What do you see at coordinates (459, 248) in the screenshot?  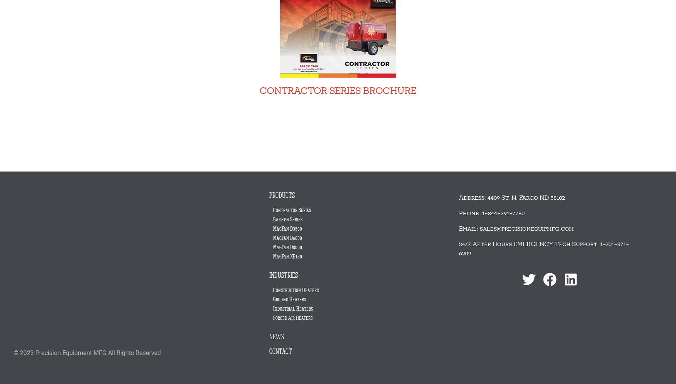 I see `'24/7 After Hours EMERGENCY Tech Support: 1-701-371-6209'` at bounding box center [459, 248].